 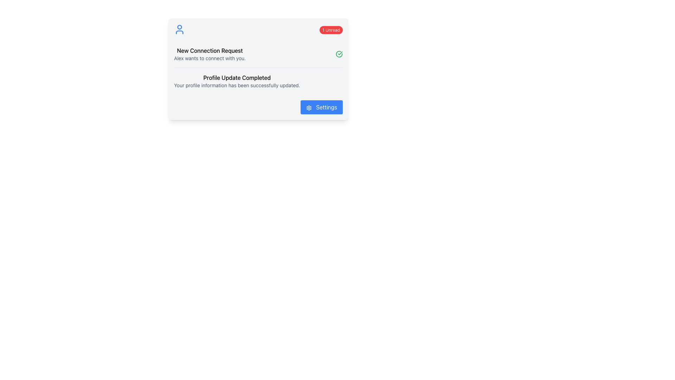 I want to click on the confirmation message indicating that the user's profile information has been updated successfully, located below the title 'Profile Update Completed' in the notification card, so click(x=237, y=85).